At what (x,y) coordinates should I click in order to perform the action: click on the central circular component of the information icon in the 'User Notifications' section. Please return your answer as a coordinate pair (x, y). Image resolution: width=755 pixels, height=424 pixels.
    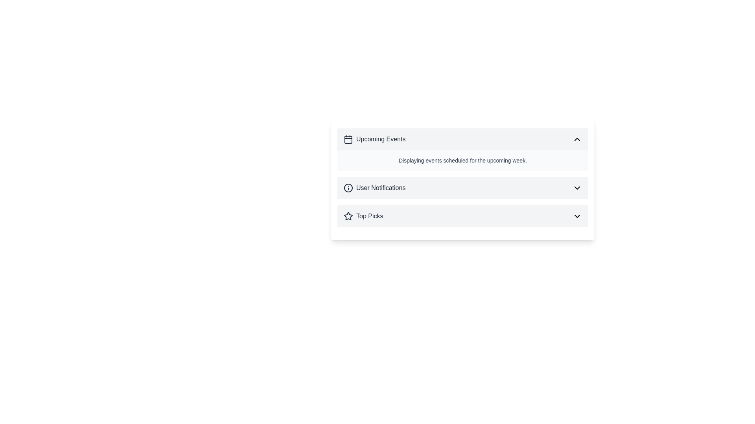
    Looking at the image, I should click on (348, 188).